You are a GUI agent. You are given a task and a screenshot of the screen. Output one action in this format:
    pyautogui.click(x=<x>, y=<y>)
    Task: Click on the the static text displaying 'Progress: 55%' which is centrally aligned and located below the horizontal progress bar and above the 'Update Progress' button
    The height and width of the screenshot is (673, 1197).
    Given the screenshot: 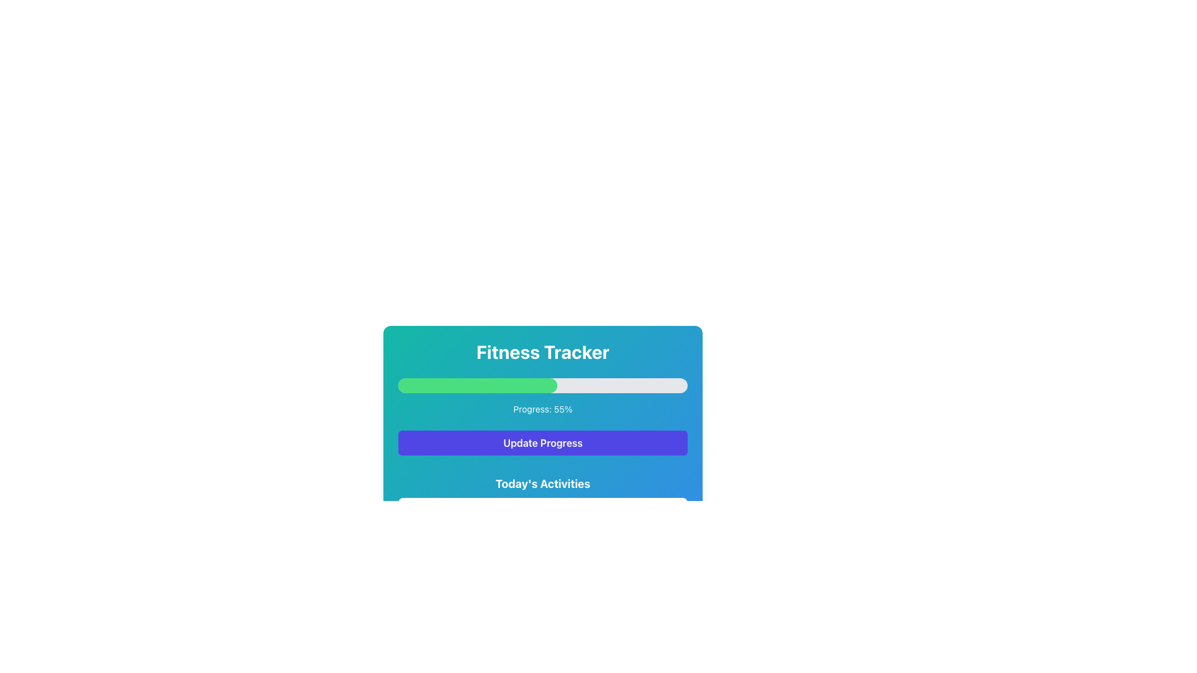 What is the action you would take?
    pyautogui.click(x=542, y=409)
    